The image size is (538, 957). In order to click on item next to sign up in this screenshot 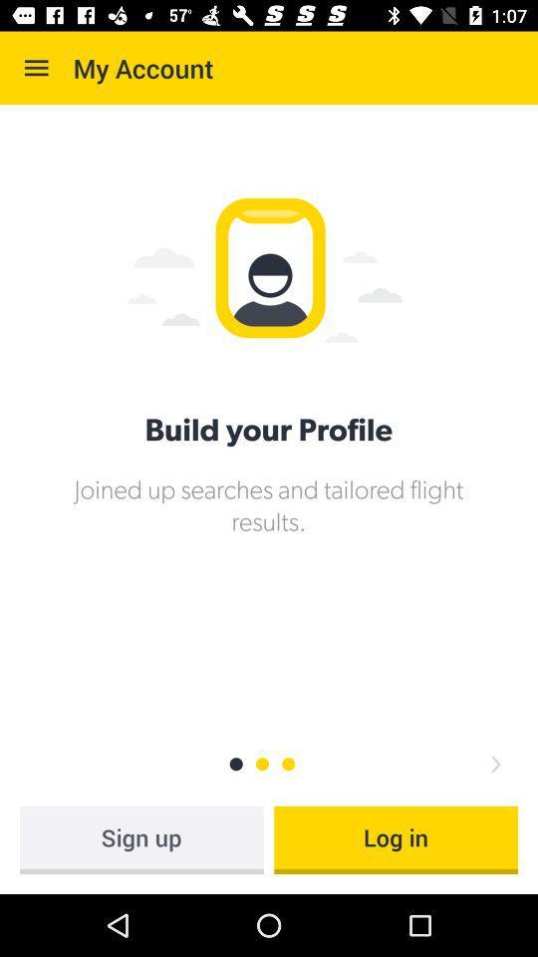, I will do `click(396, 838)`.